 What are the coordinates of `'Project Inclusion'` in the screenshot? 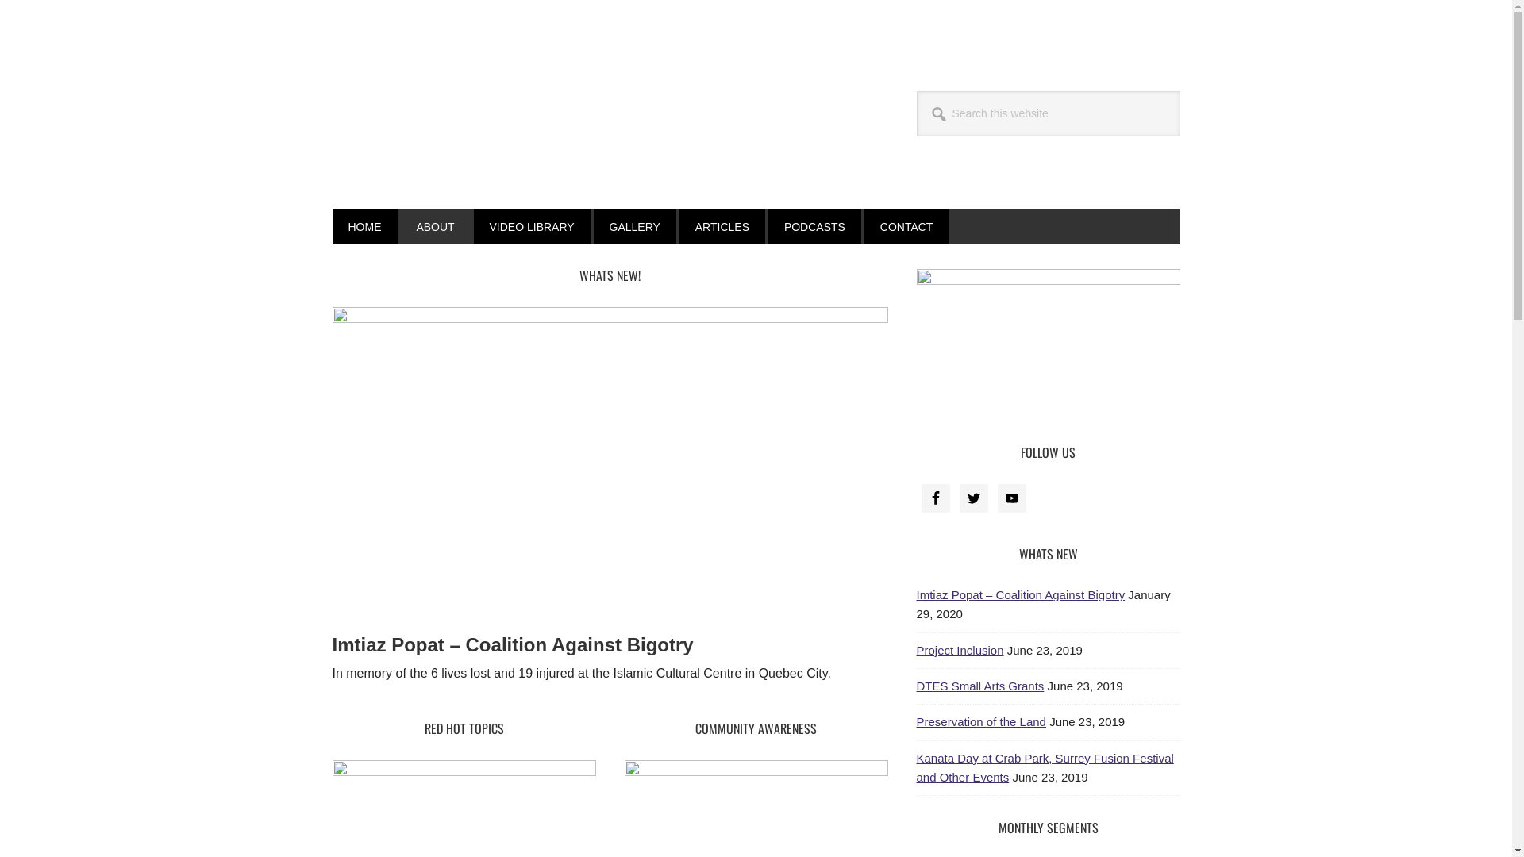 It's located at (959, 650).